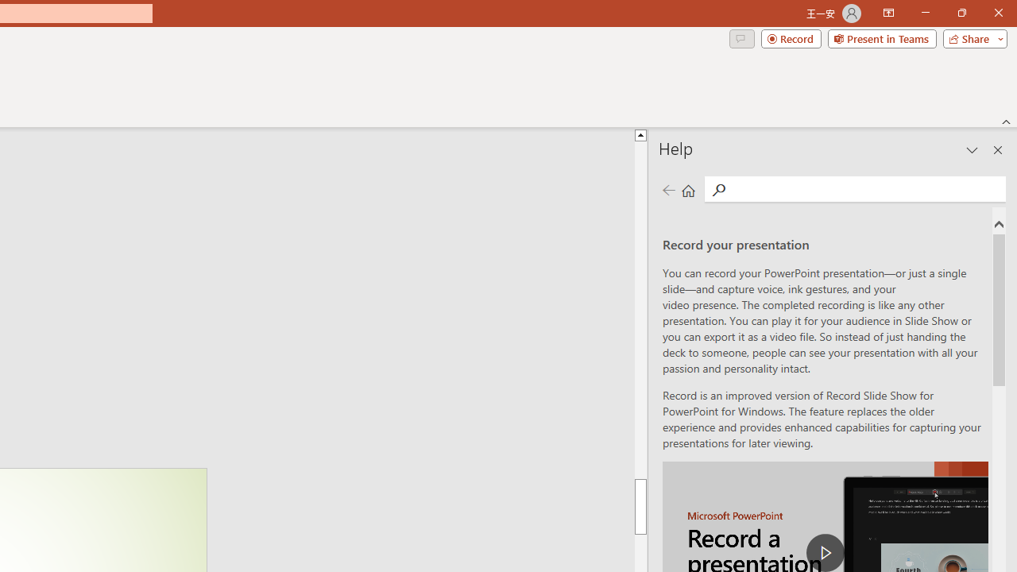 The height and width of the screenshot is (572, 1017). Describe the element at coordinates (668, 189) in the screenshot. I see `'Previous page'` at that location.